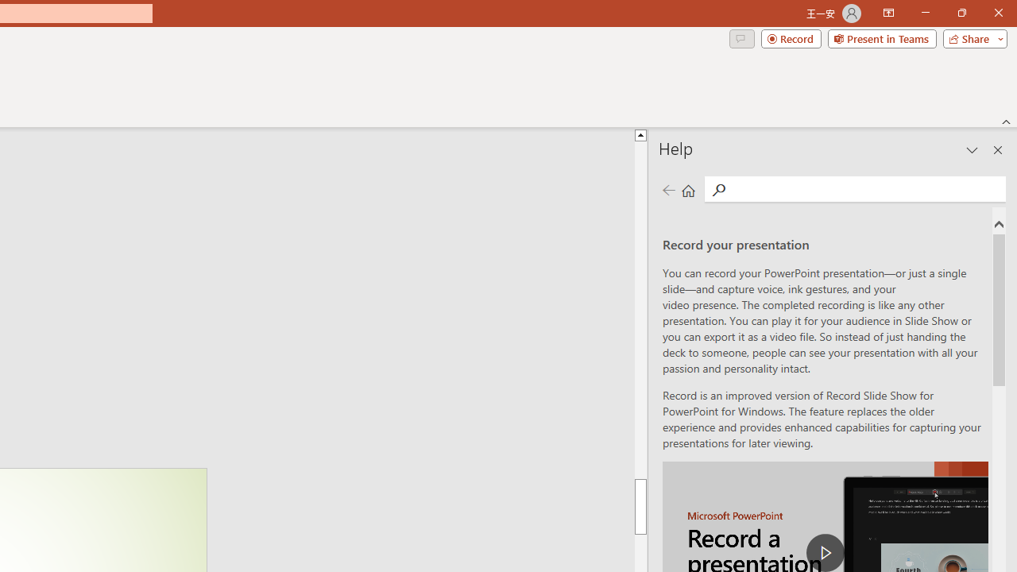 The height and width of the screenshot is (572, 1017). Describe the element at coordinates (668, 189) in the screenshot. I see `'Previous page'` at that location.